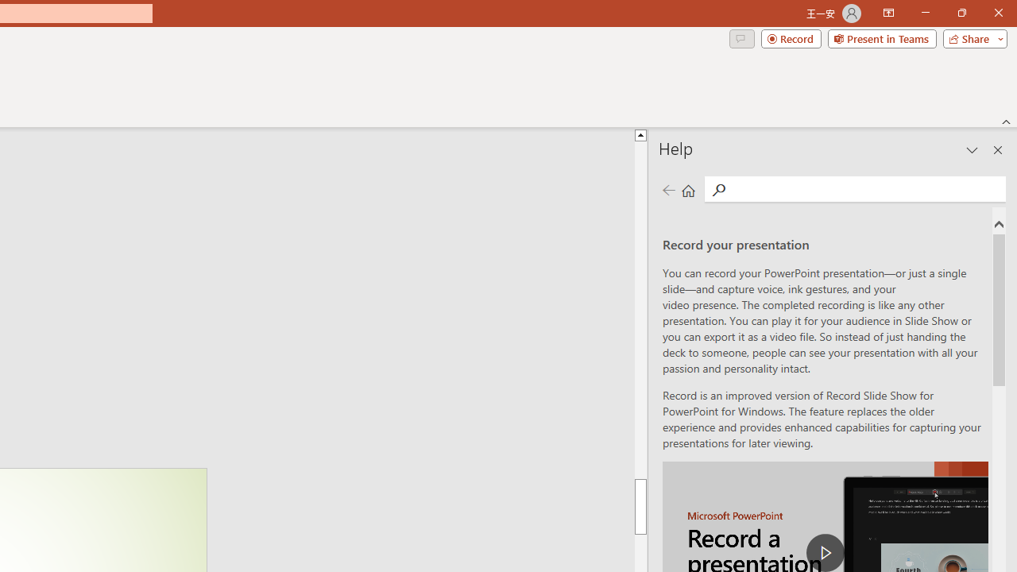 The height and width of the screenshot is (572, 1017). Describe the element at coordinates (668, 189) in the screenshot. I see `'Previous page'` at that location.